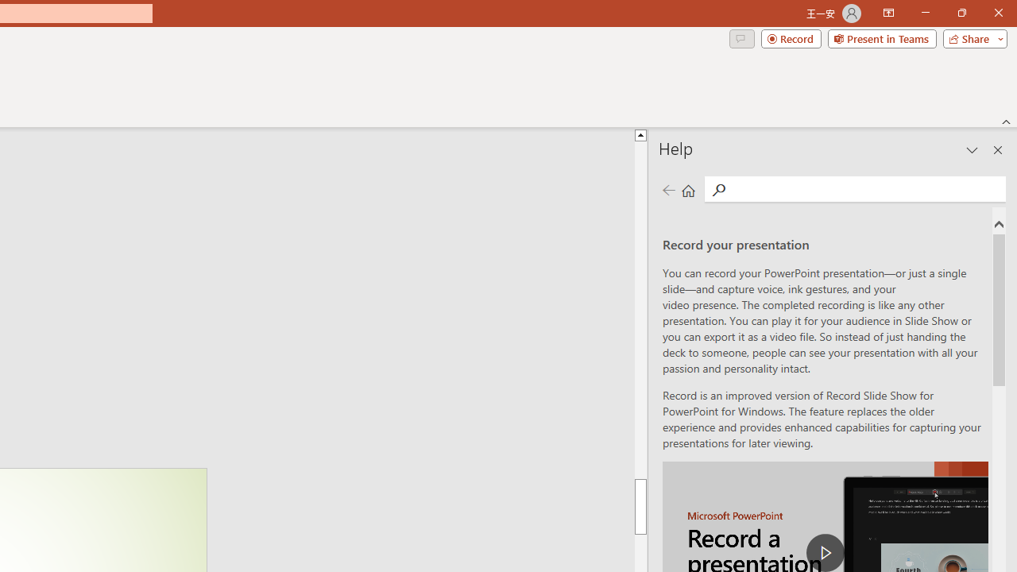 The height and width of the screenshot is (572, 1017). Describe the element at coordinates (668, 189) in the screenshot. I see `'Previous page'` at that location.